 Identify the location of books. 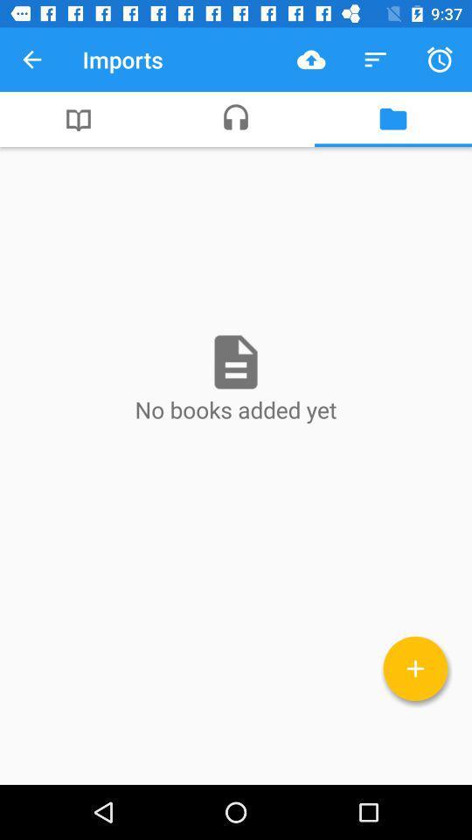
(414, 668).